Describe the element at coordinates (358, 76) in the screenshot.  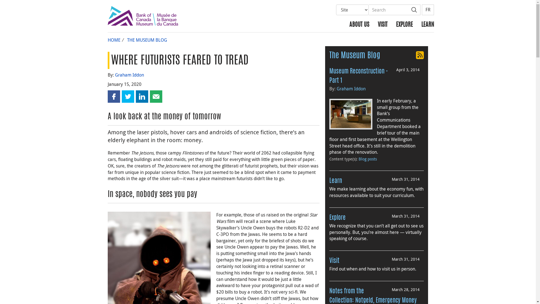
I see `'Museum Reconstruction - Part 1'` at that location.